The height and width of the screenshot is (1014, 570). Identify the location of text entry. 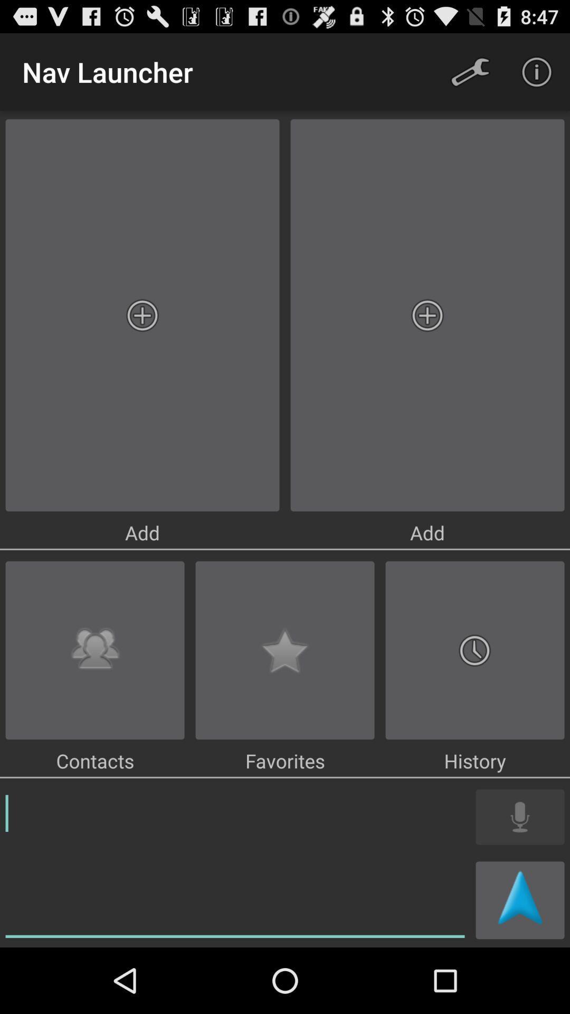
(234, 864).